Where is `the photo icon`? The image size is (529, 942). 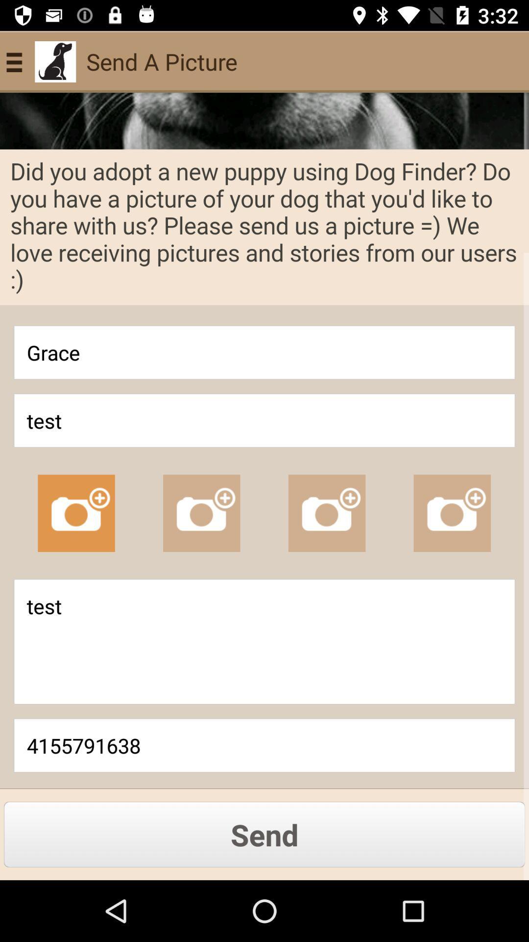
the photo icon is located at coordinates (201, 513).